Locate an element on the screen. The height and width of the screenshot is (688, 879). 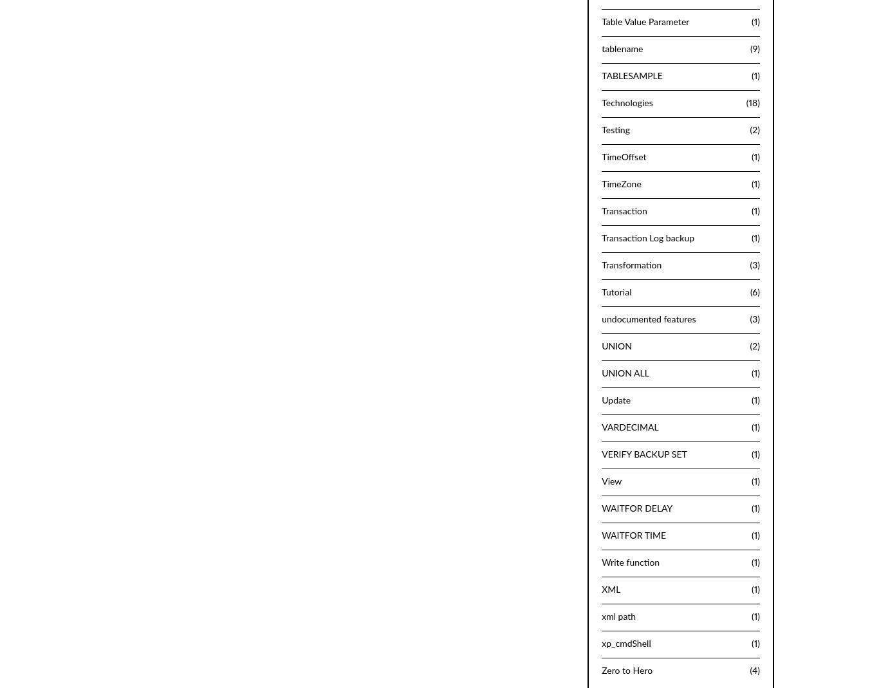
'Transaction' is located at coordinates (602, 210).